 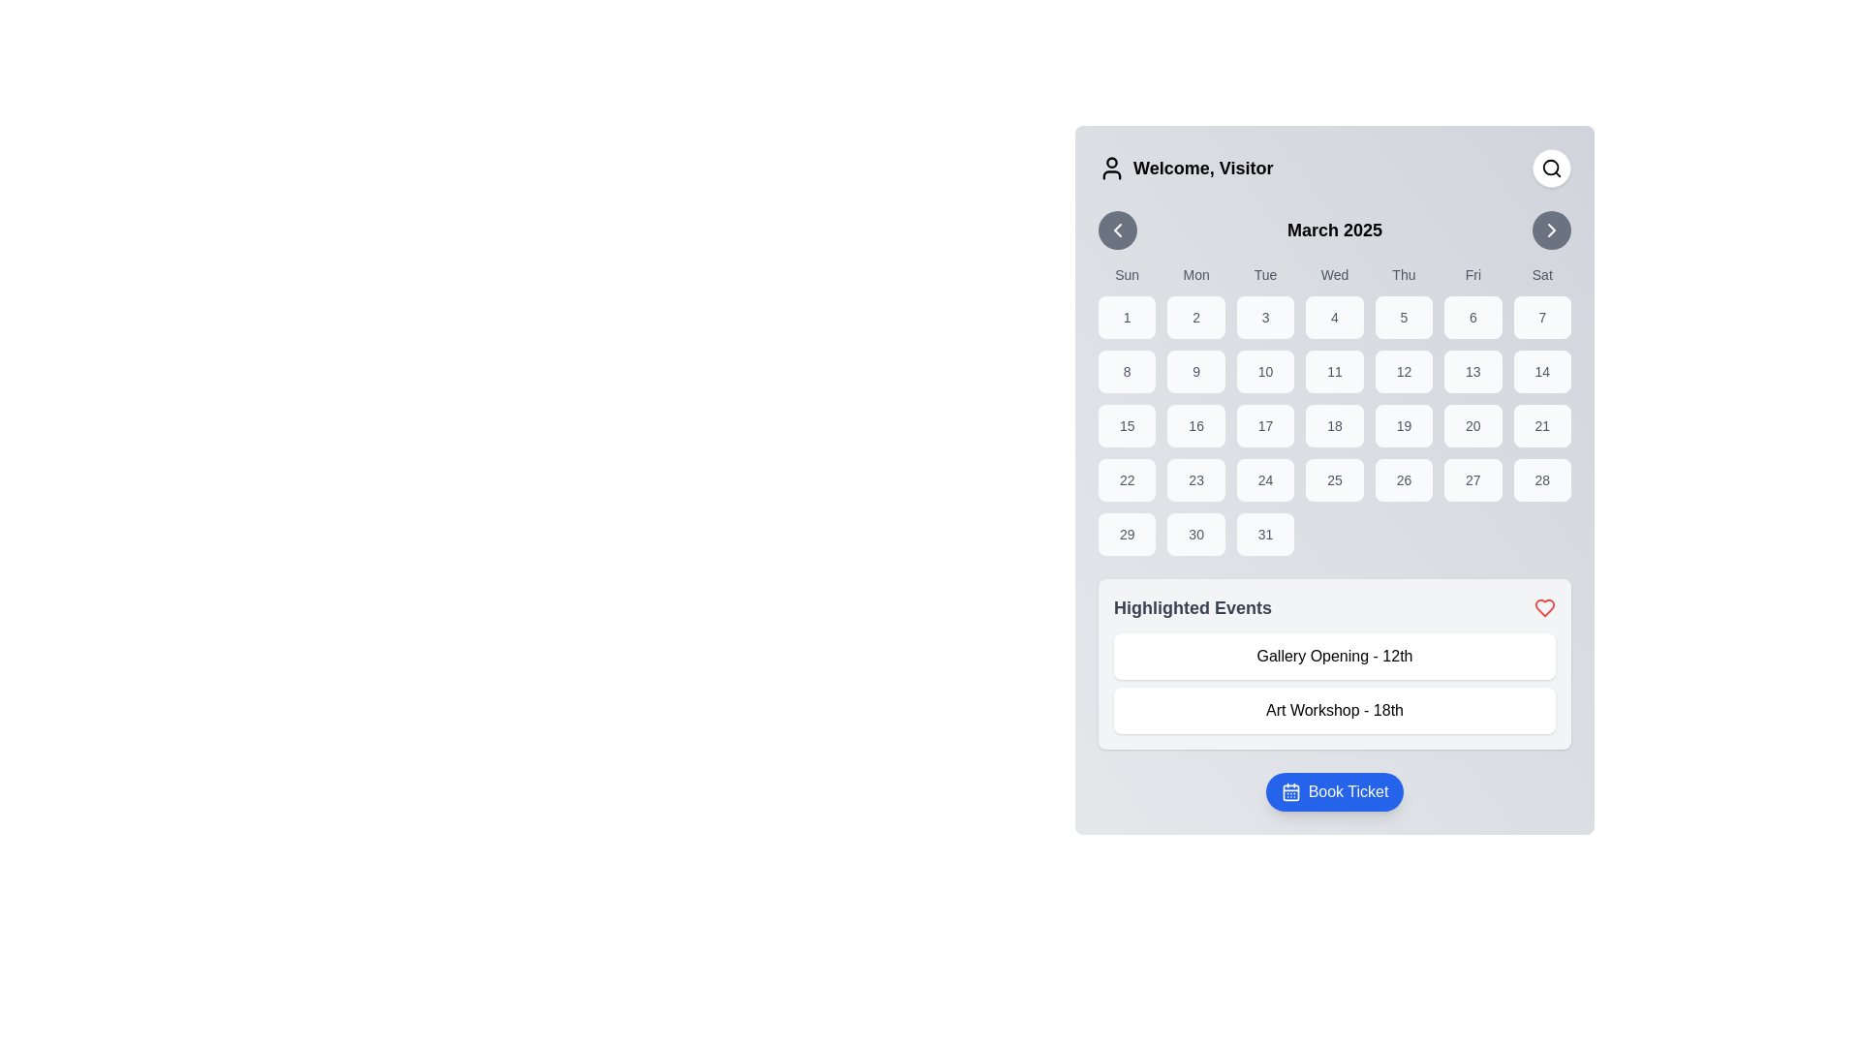 I want to click on to select the date '26' in the calendar, which is represented as the 5th cell in the 5th row of the grid layout, so click(x=1404, y=479).